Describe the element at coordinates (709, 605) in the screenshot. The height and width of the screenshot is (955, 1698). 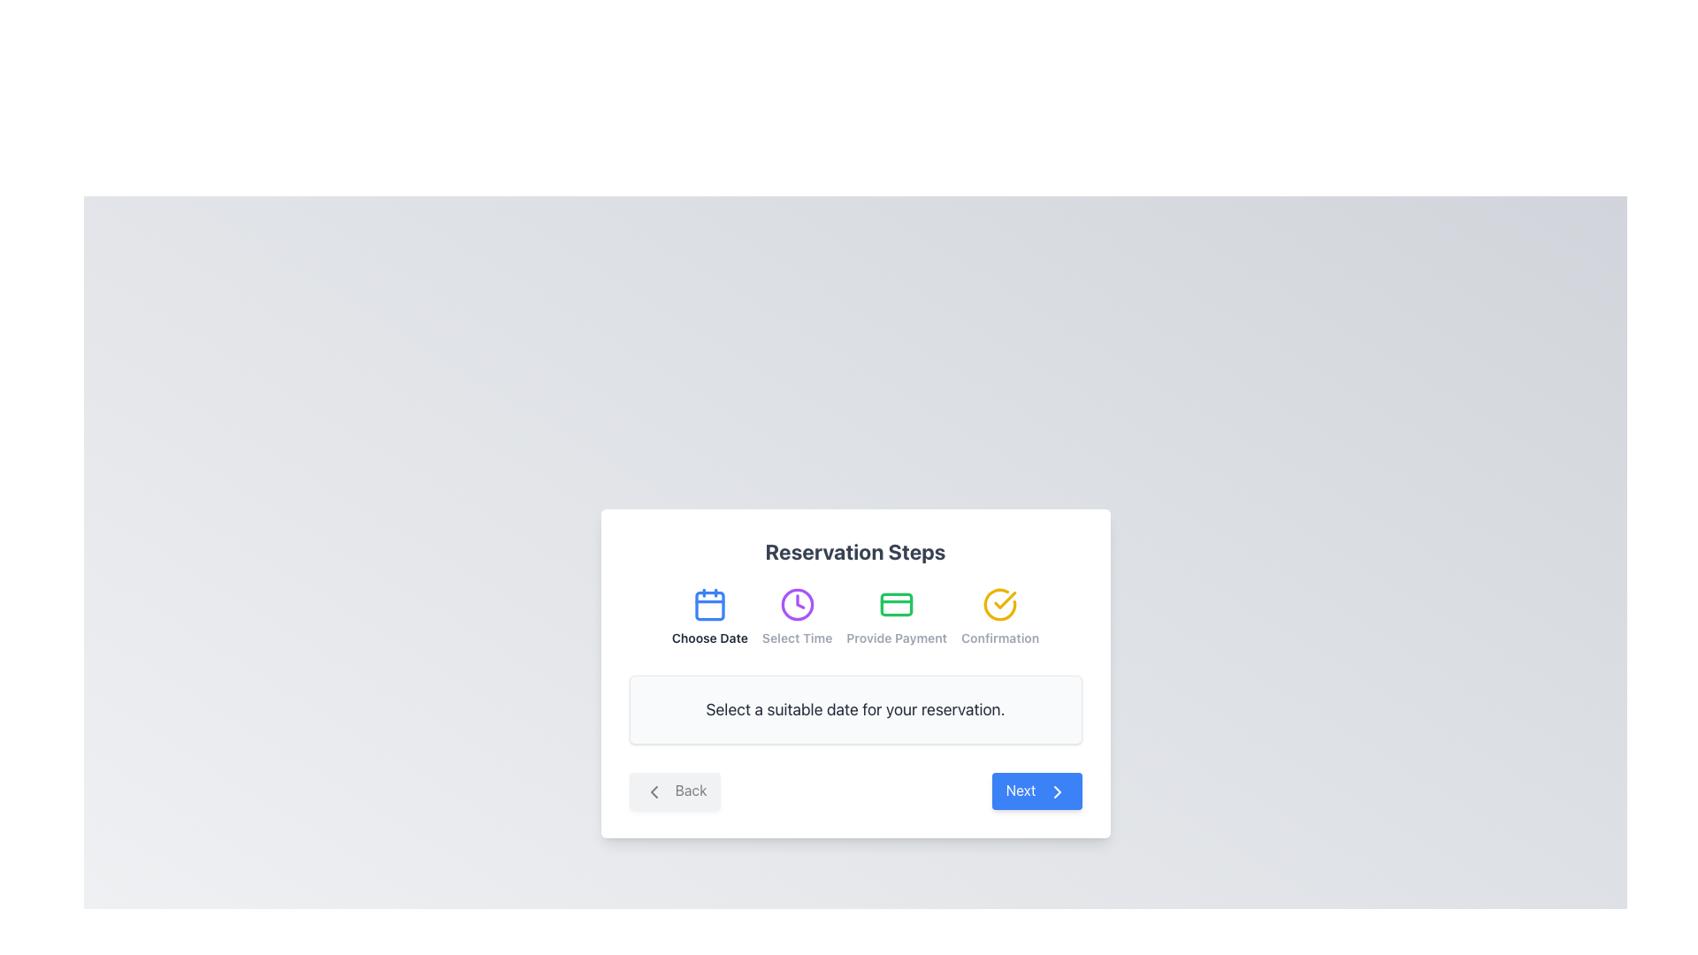
I see `the graphical rectangle component that is centered within the calendar icon labeled 'Choose Date' in the upper section of the interface` at that location.